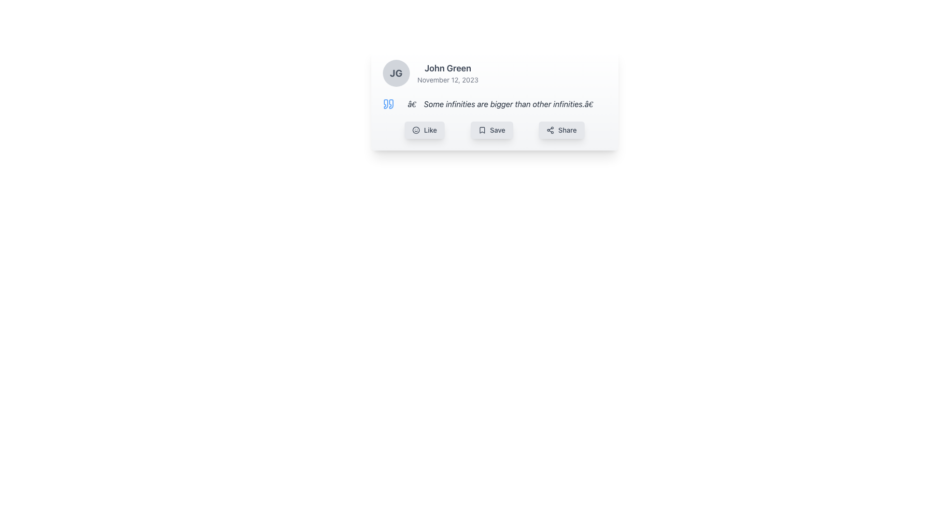 Image resolution: width=927 pixels, height=521 pixels. Describe the element at coordinates (416, 130) in the screenshot. I see `the circular SVG-based smiley icon located to the left of the 'Like' button, which is centered vertically in its bounding box` at that location.